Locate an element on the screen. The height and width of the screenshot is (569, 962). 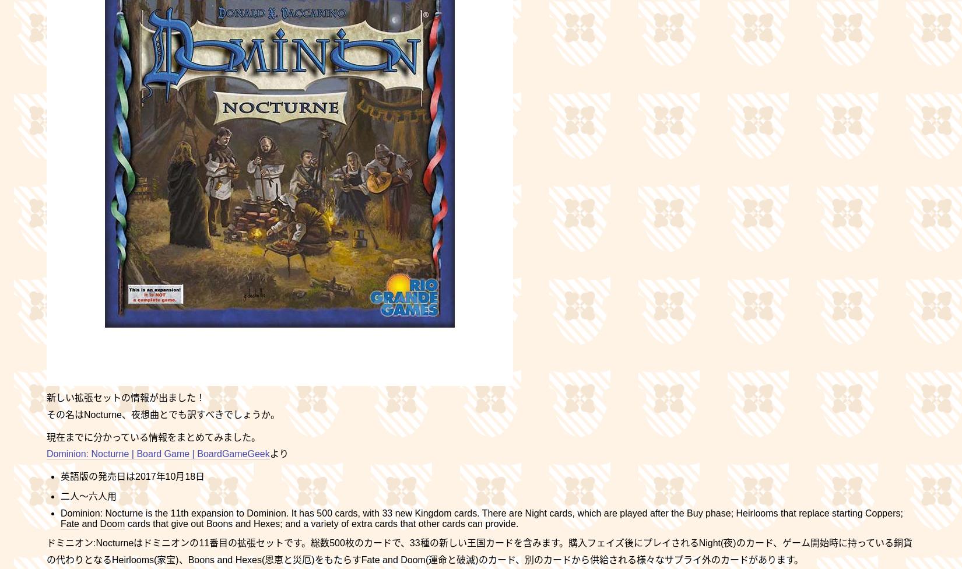
'Dominion: Nocturne | Board Game | BoardGameGeek' is located at coordinates (157, 454).